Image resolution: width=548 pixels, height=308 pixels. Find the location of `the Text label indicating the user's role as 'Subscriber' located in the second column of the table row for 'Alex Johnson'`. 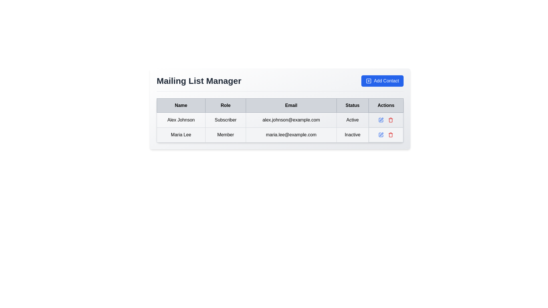

the Text label indicating the user's role as 'Subscriber' located in the second column of the table row for 'Alex Johnson' is located at coordinates (225, 119).